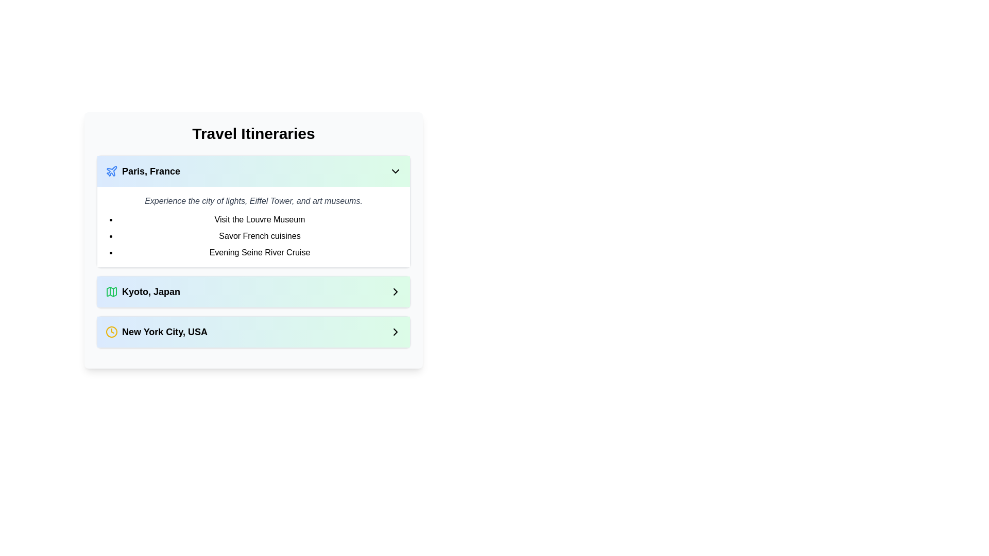  I want to click on the 'Travel Itineraries' heading, which is styled in bold and large font, located at the top of the content section, so click(253, 133).